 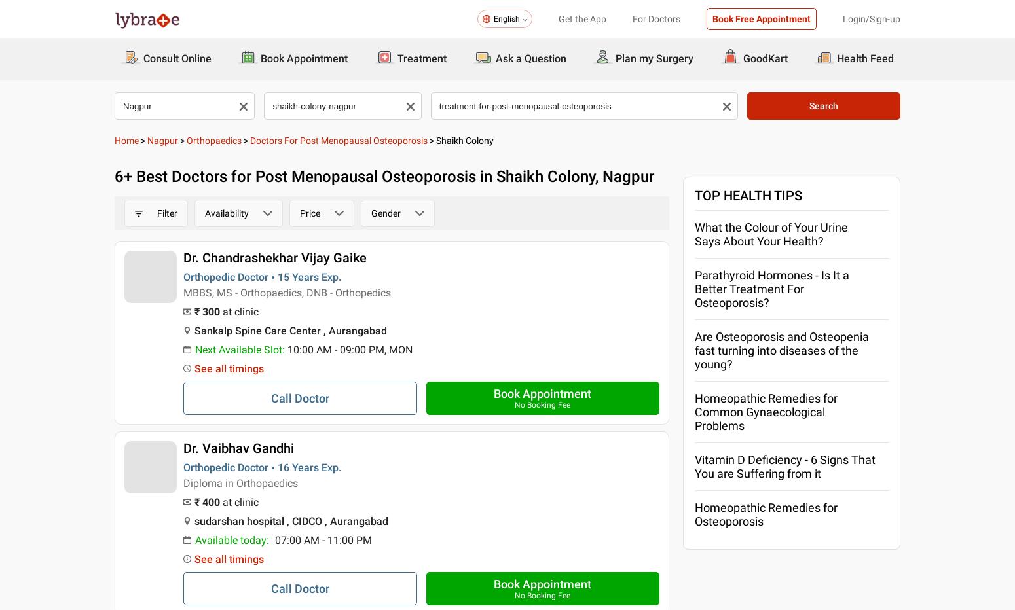 What do you see at coordinates (771, 233) in the screenshot?
I see `'What the Colour of Your Urine Says About Your Health?'` at bounding box center [771, 233].